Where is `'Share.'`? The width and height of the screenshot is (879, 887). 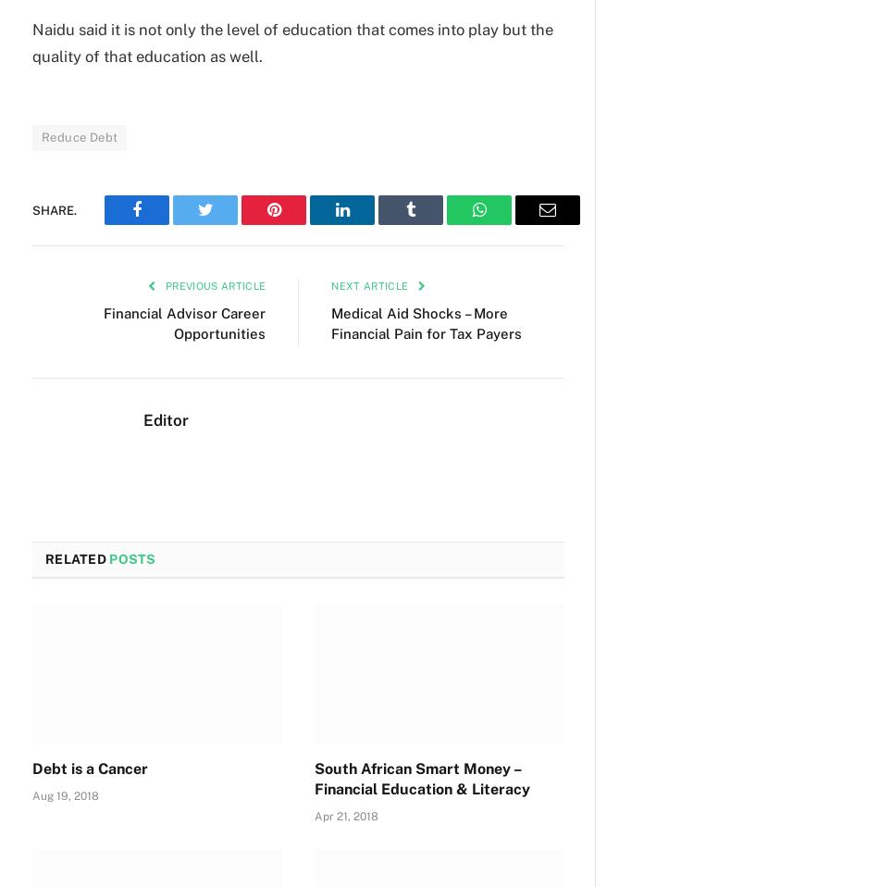 'Share.' is located at coordinates (54, 208).